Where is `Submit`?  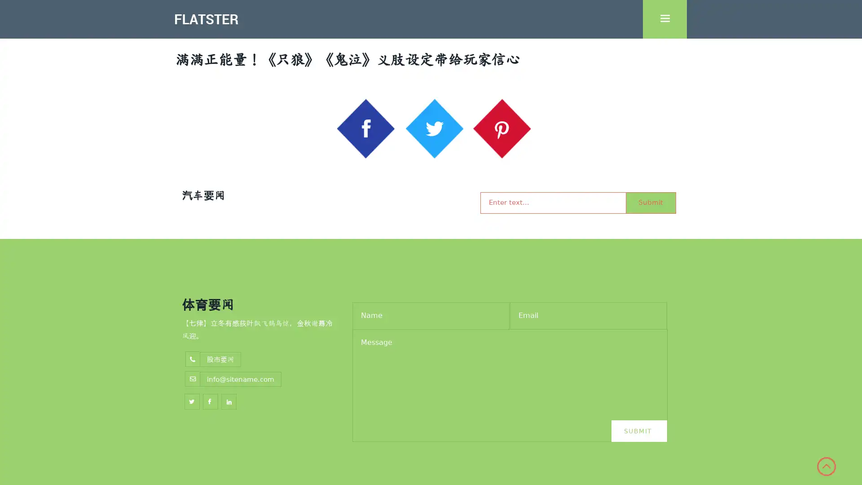
Submit is located at coordinates (638, 430).